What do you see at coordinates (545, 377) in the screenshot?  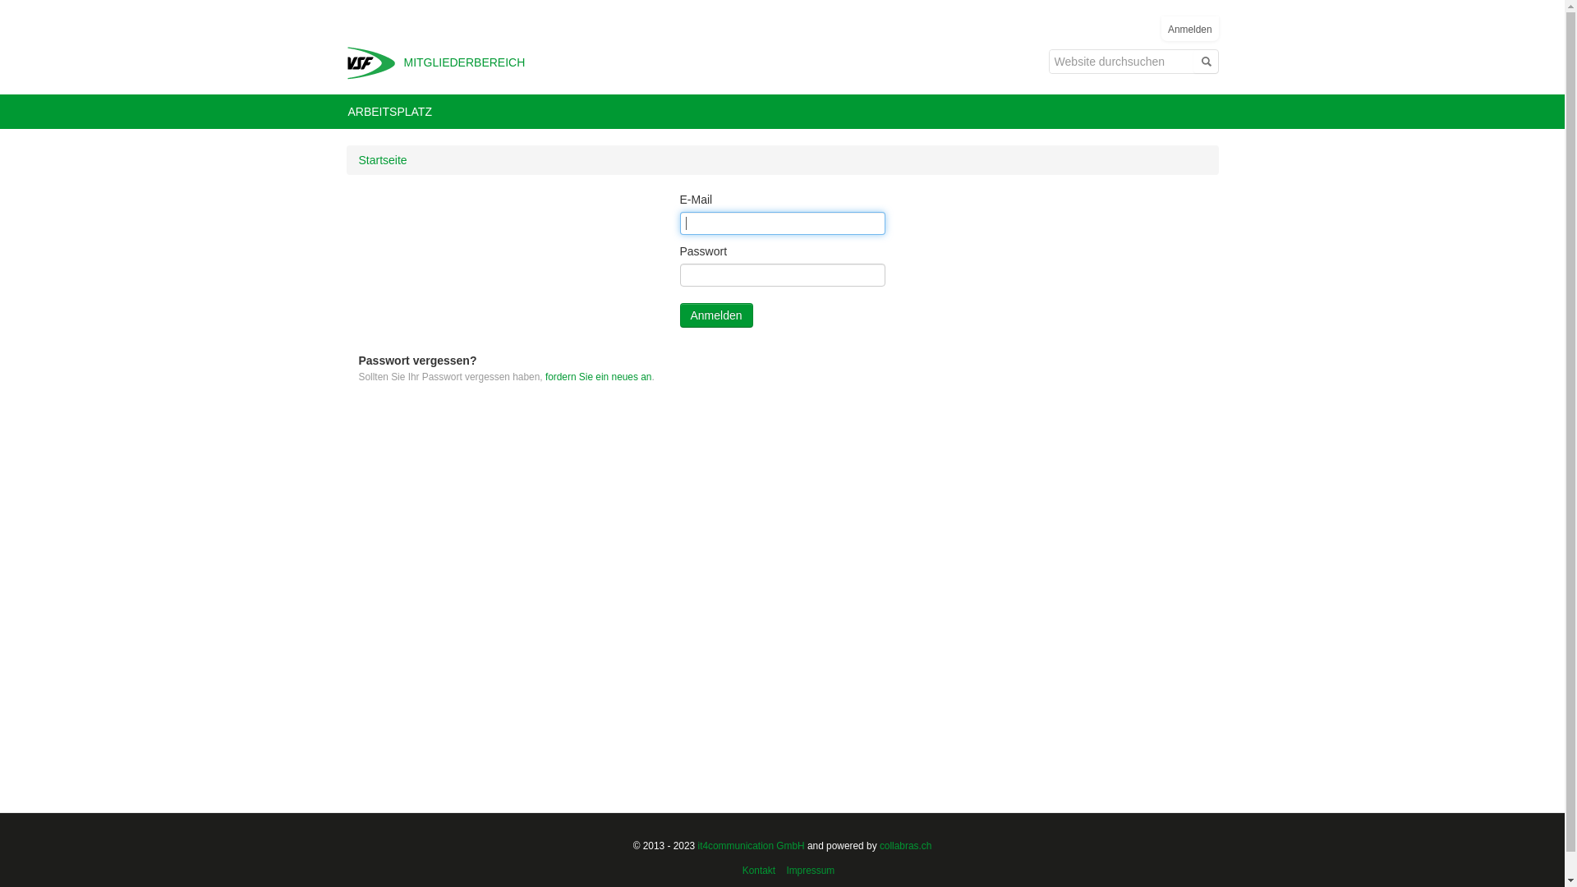 I see `'fordern Sie ein neues an'` at bounding box center [545, 377].